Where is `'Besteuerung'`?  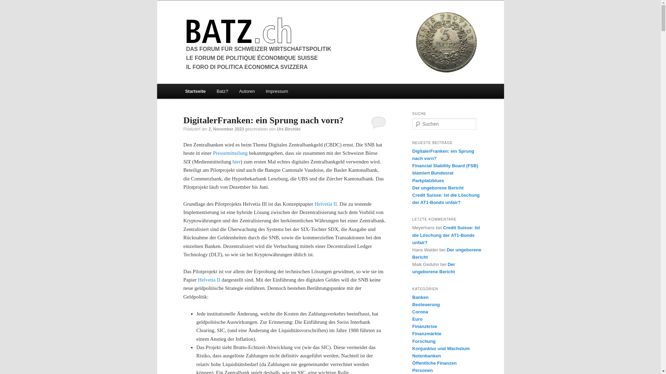 'Besteuerung' is located at coordinates (425, 304).